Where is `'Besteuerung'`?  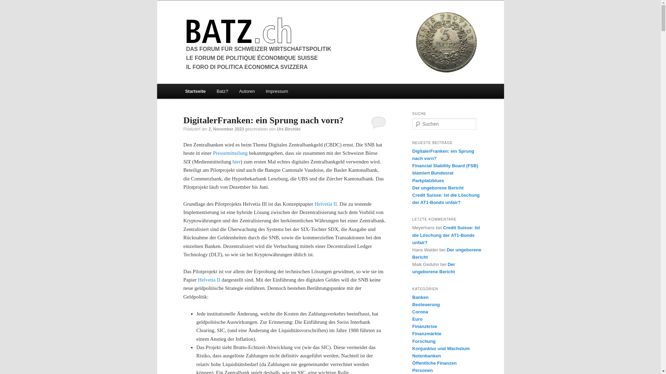 'Besteuerung' is located at coordinates (425, 304).